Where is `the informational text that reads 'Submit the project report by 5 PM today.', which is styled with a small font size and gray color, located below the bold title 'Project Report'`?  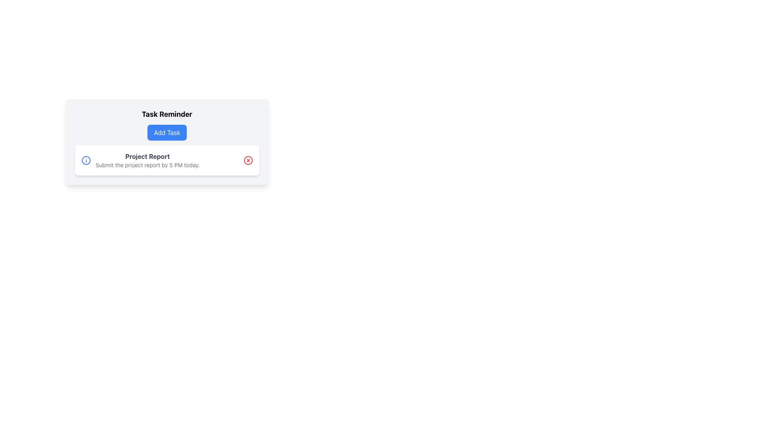
the informational text that reads 'Submit the project report by 5 PM today.', which is styled with a small font size and gray color, located below the bold title 'Project Report' is located at coordinates (147, 165).